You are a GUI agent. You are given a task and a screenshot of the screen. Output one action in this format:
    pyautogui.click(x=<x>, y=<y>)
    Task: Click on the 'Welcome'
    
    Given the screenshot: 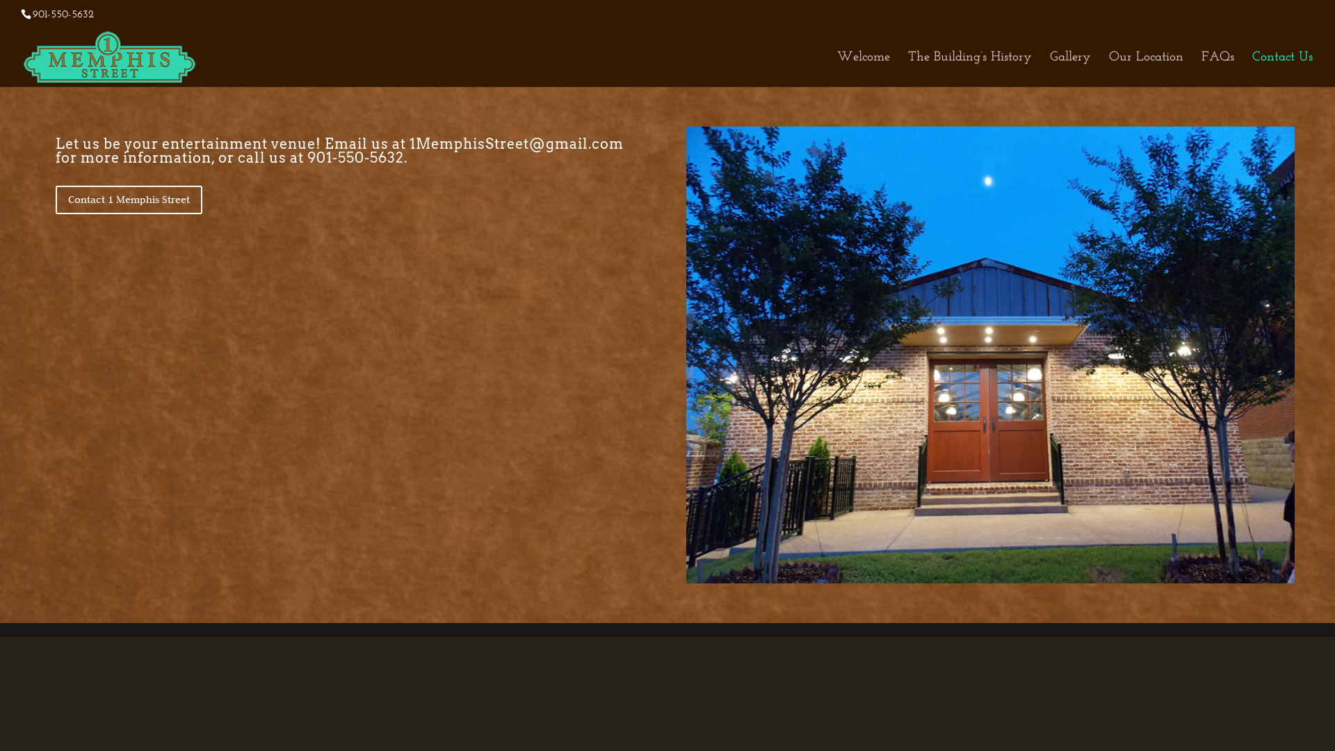 What is the action you would take?
    pyautogui.click(x=863, y=70)
    